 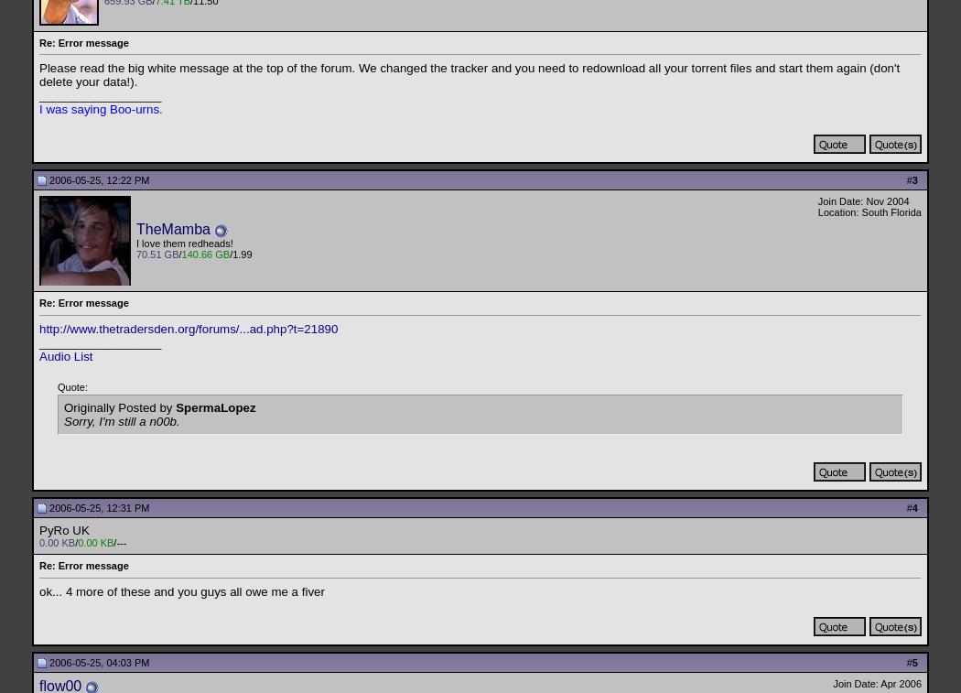 I want to click on 'Join Date: Apr 2006', so click(x=876, y=684).